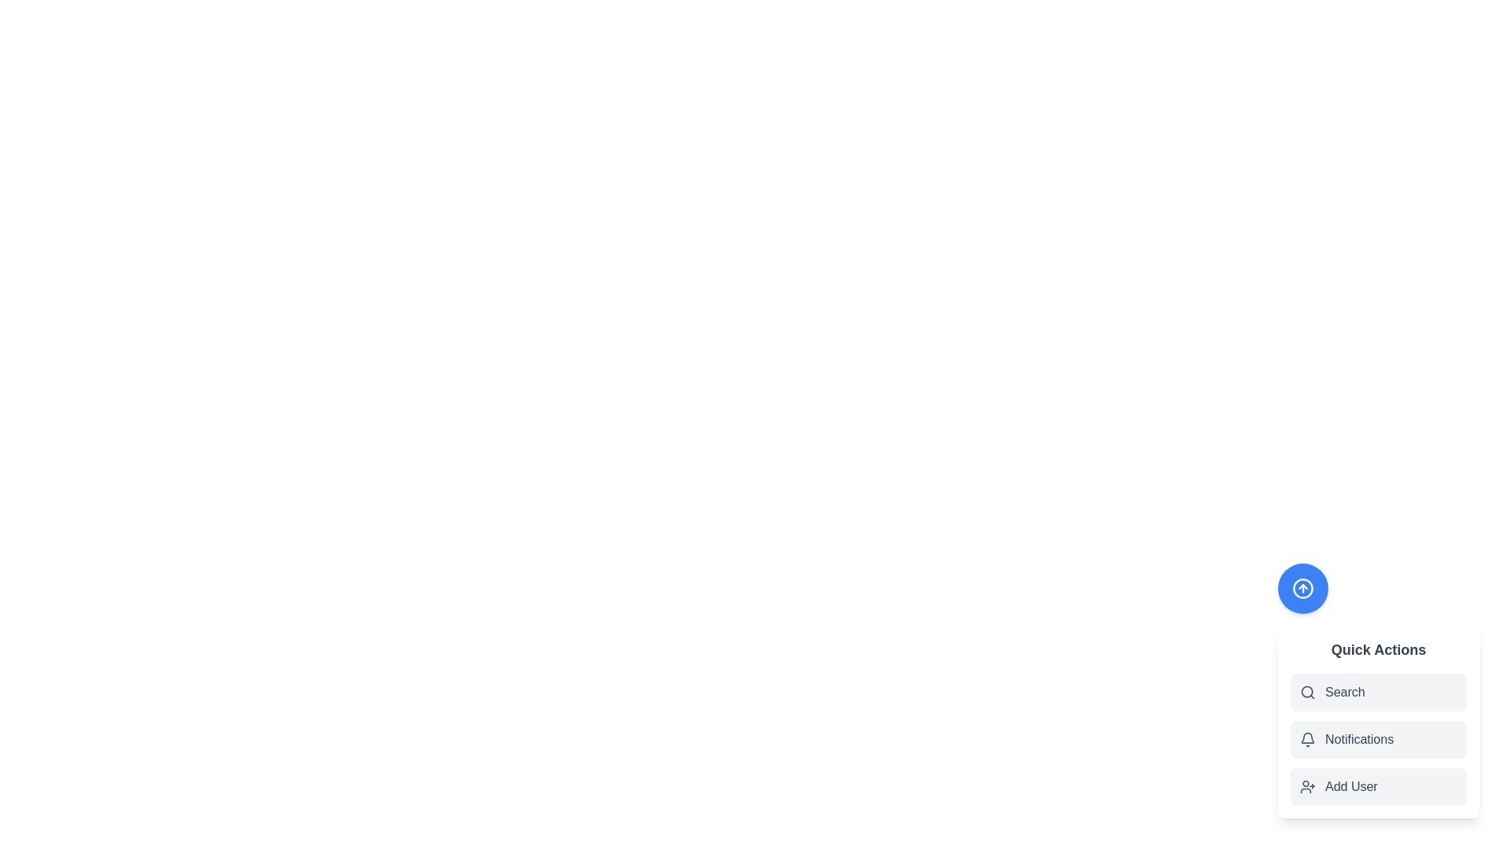 The height and width of the screenshot is (850, 1511). I want to click on the 'Notifications' text label, which is styled in gray and located to the right of the bell icon within the 'Quick Actions' card, so click(1358, 740).